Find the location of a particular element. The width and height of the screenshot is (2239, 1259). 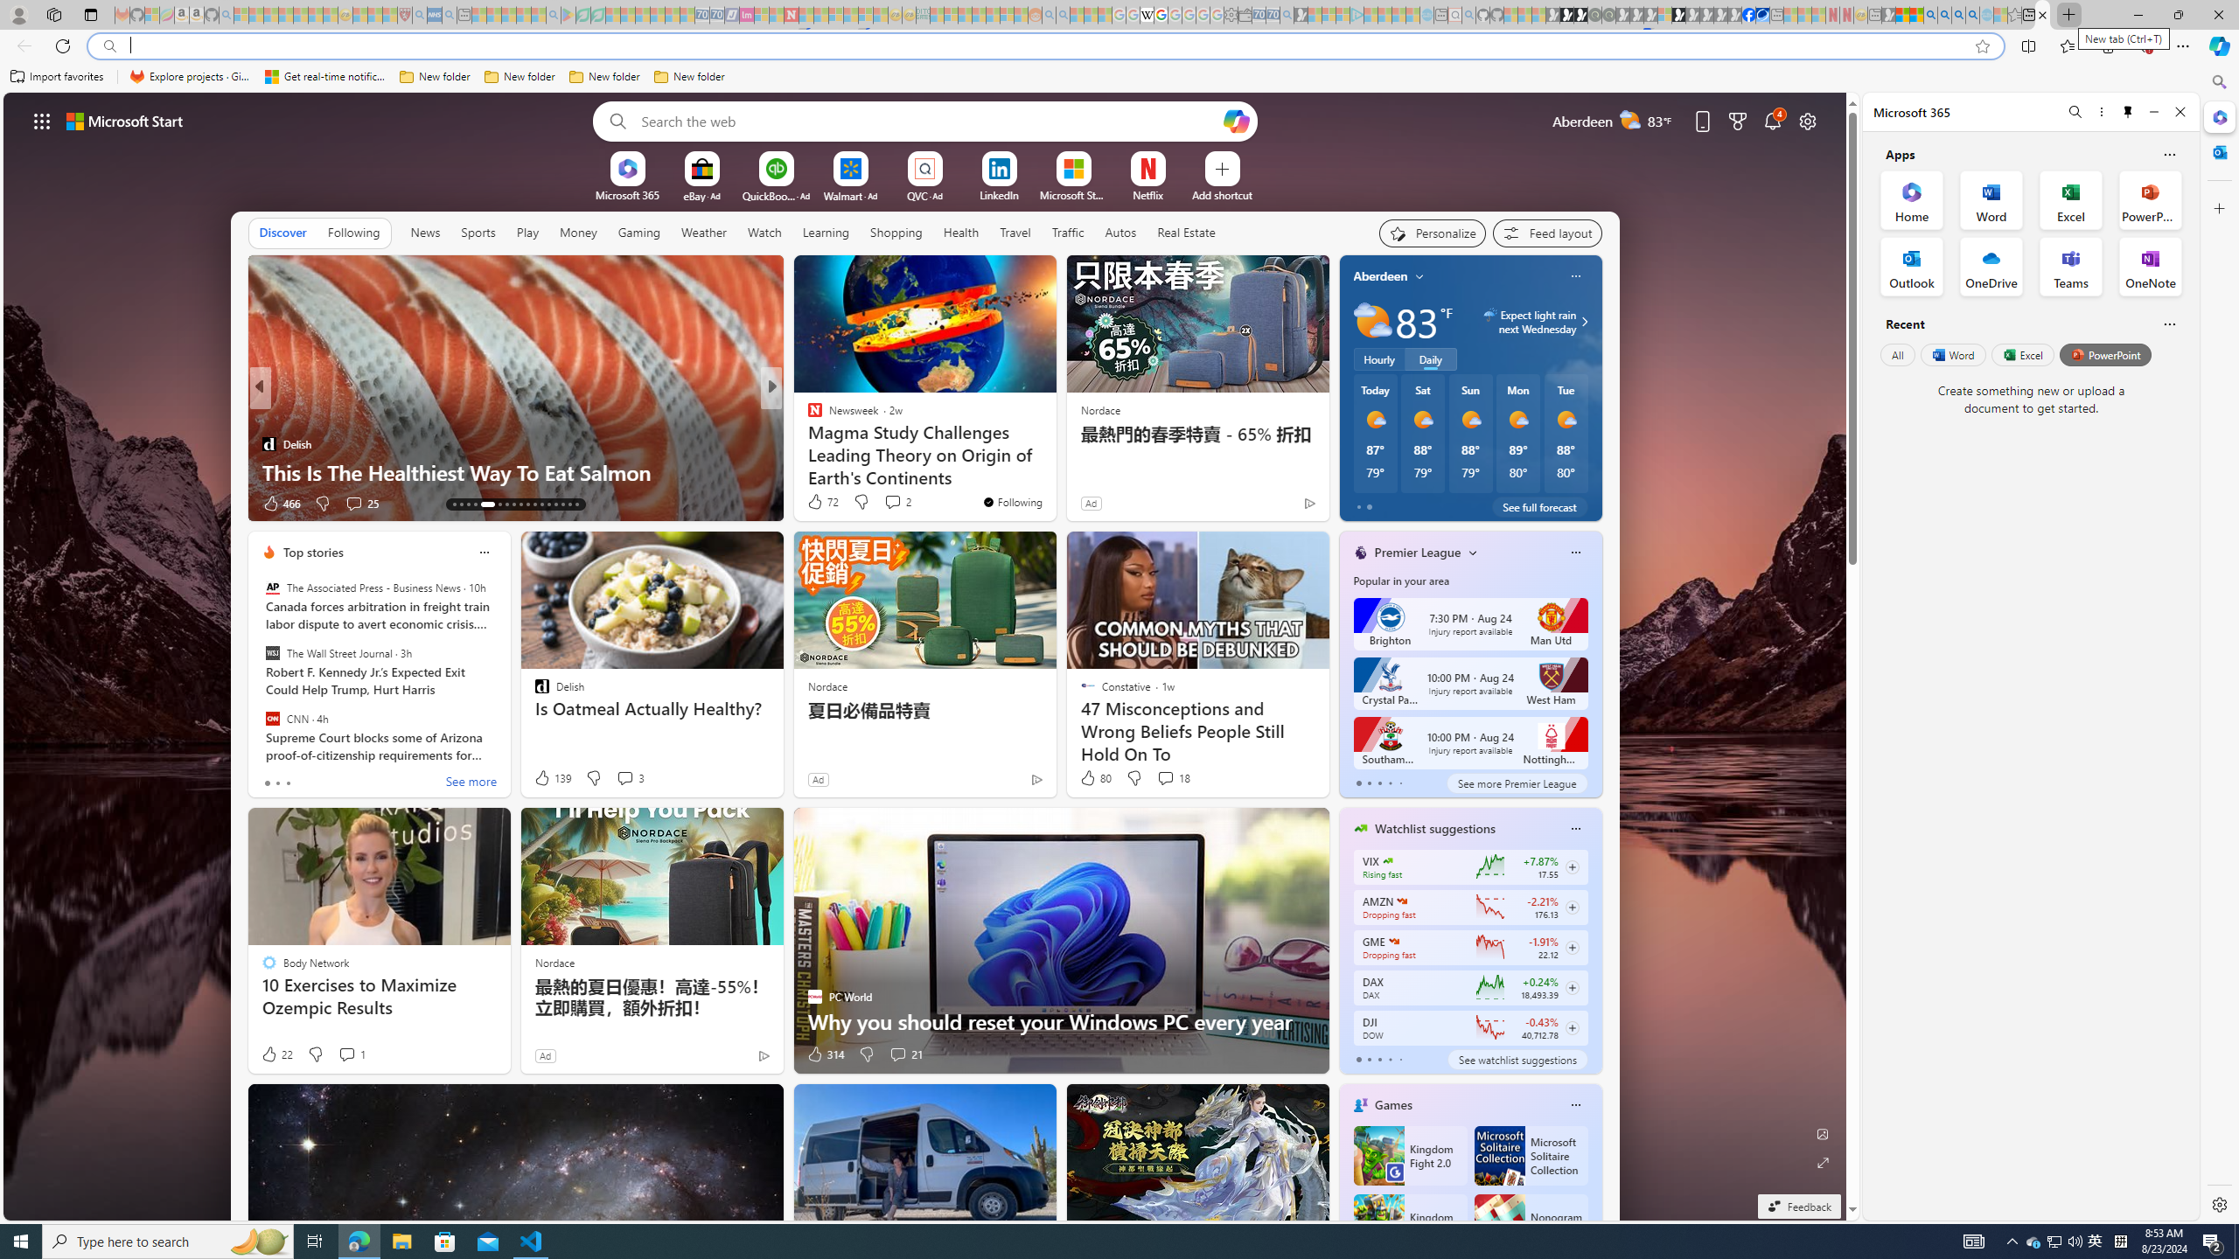

'View comments 11 Comment' is located at coordinates (899, 503).